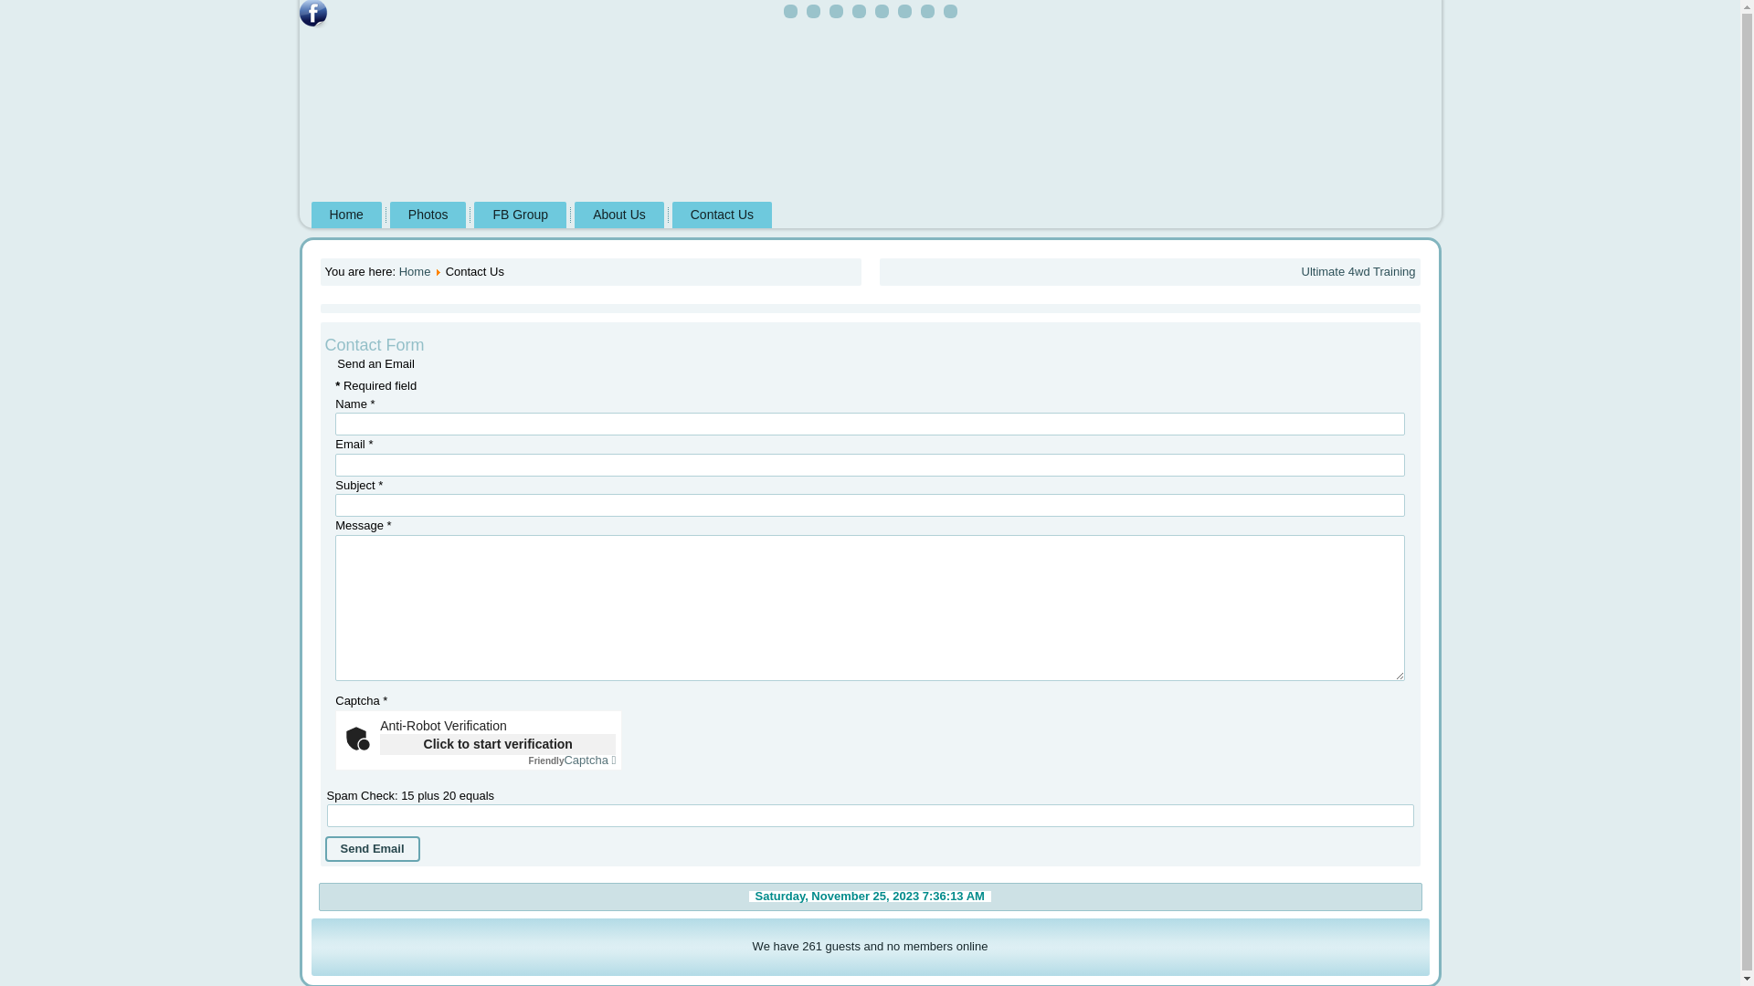 This screenshot has width=1754, height=986. Describe the element at coordinates (519, 214) in the screenshot. I see `'FB Group'` at that location.